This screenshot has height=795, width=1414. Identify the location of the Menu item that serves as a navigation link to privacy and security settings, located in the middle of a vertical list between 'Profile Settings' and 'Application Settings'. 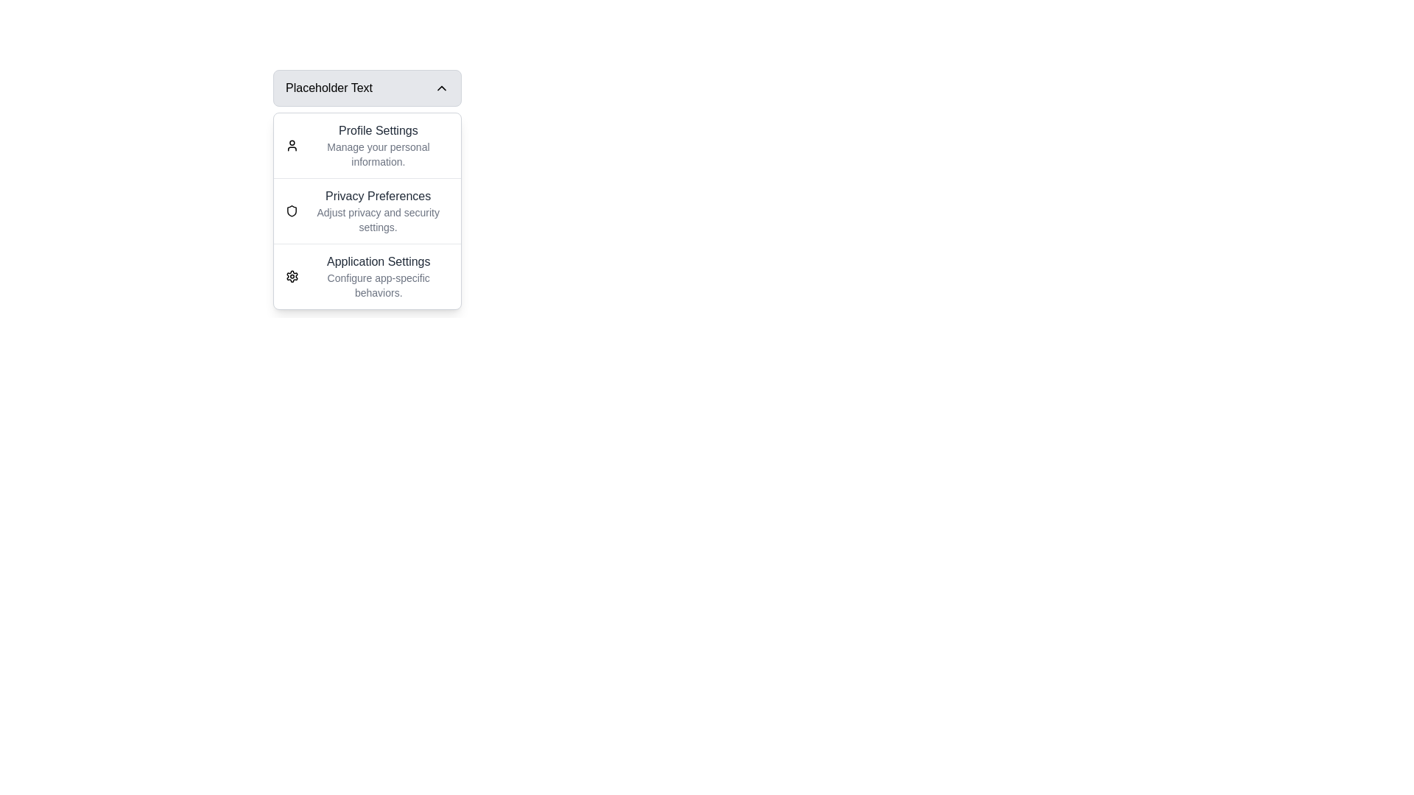
(367, 210).